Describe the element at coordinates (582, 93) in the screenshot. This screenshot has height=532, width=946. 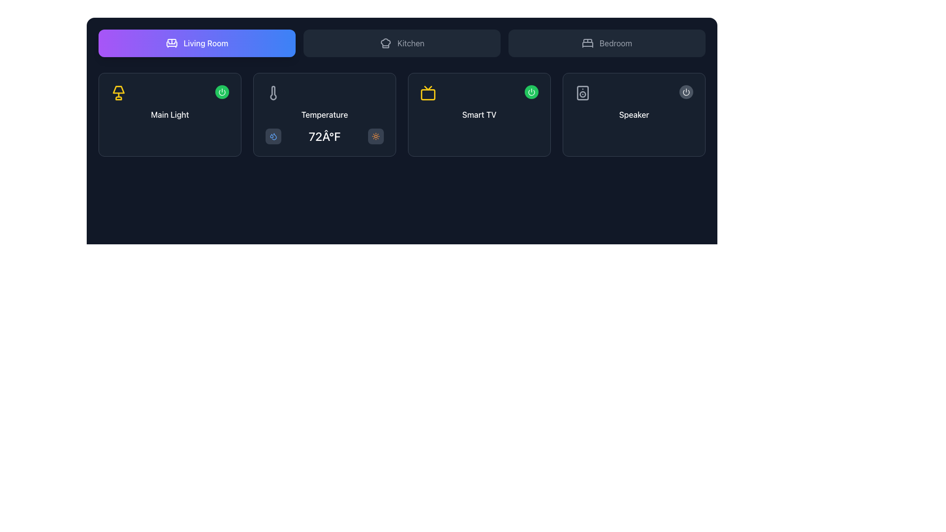
I see `the speaker icon located in the 'Speaker' section, which is positioned to the left of the power button` at that location.